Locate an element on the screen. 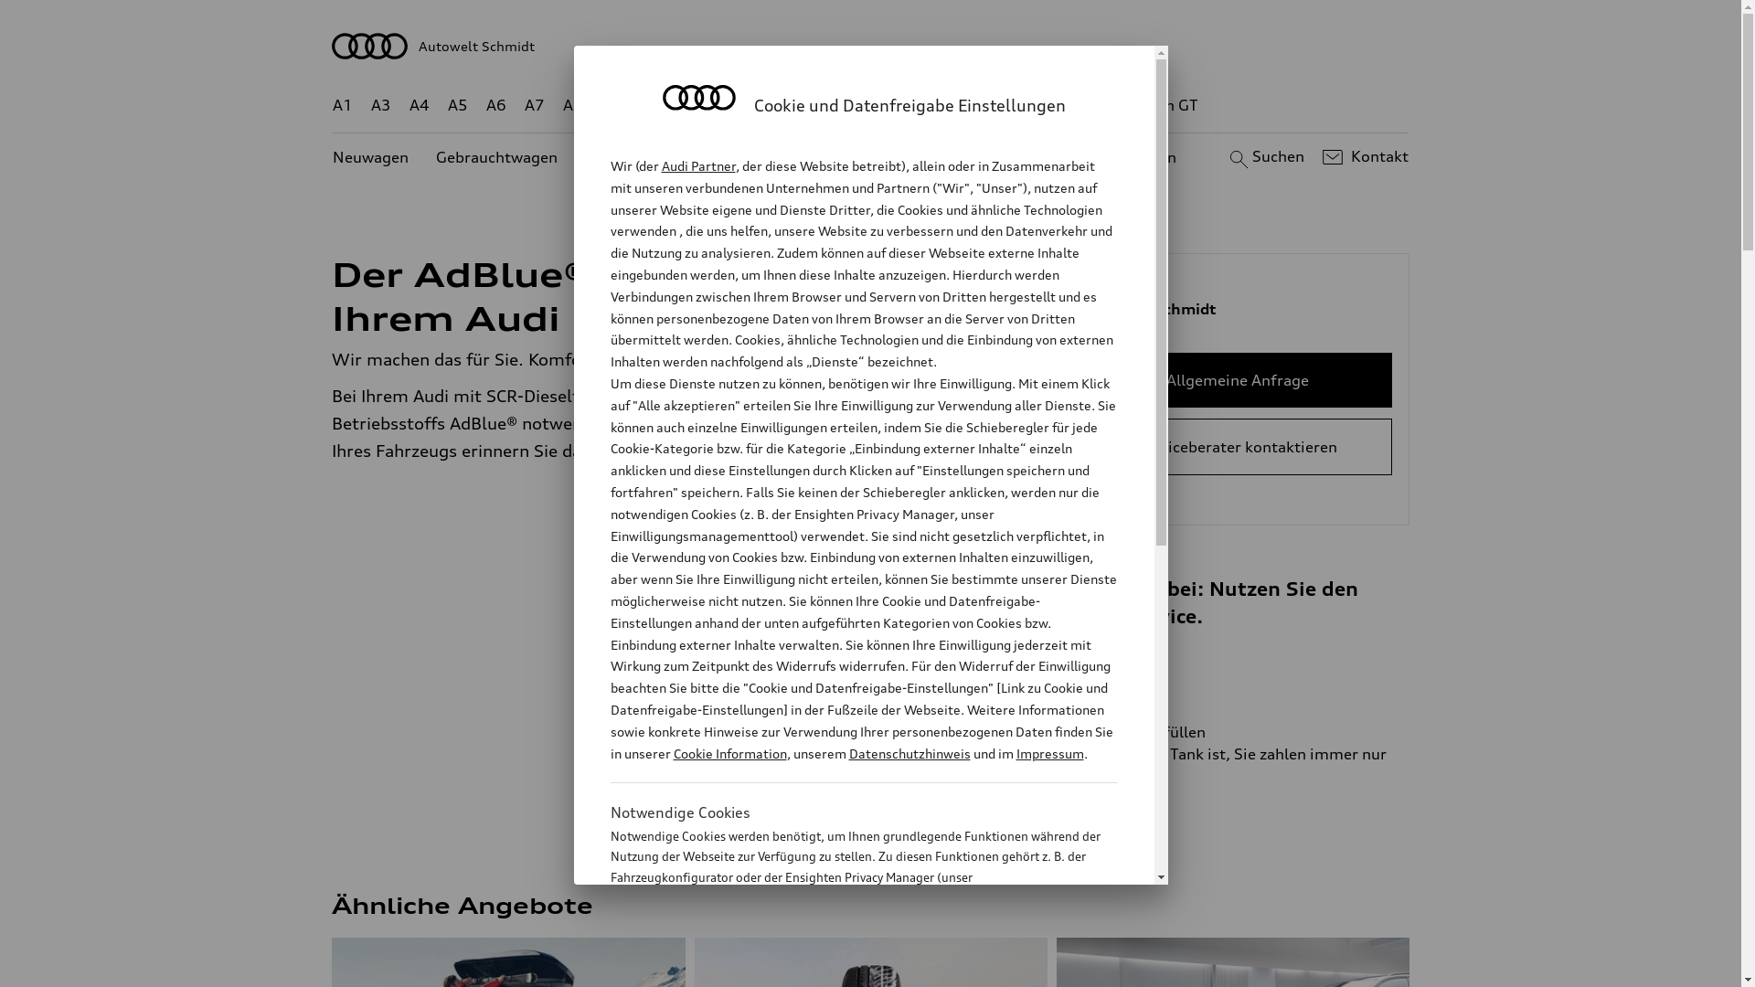 The height and width of the screenshot is (987, 1755). 'Q2' is located at coordinates (612, 105).